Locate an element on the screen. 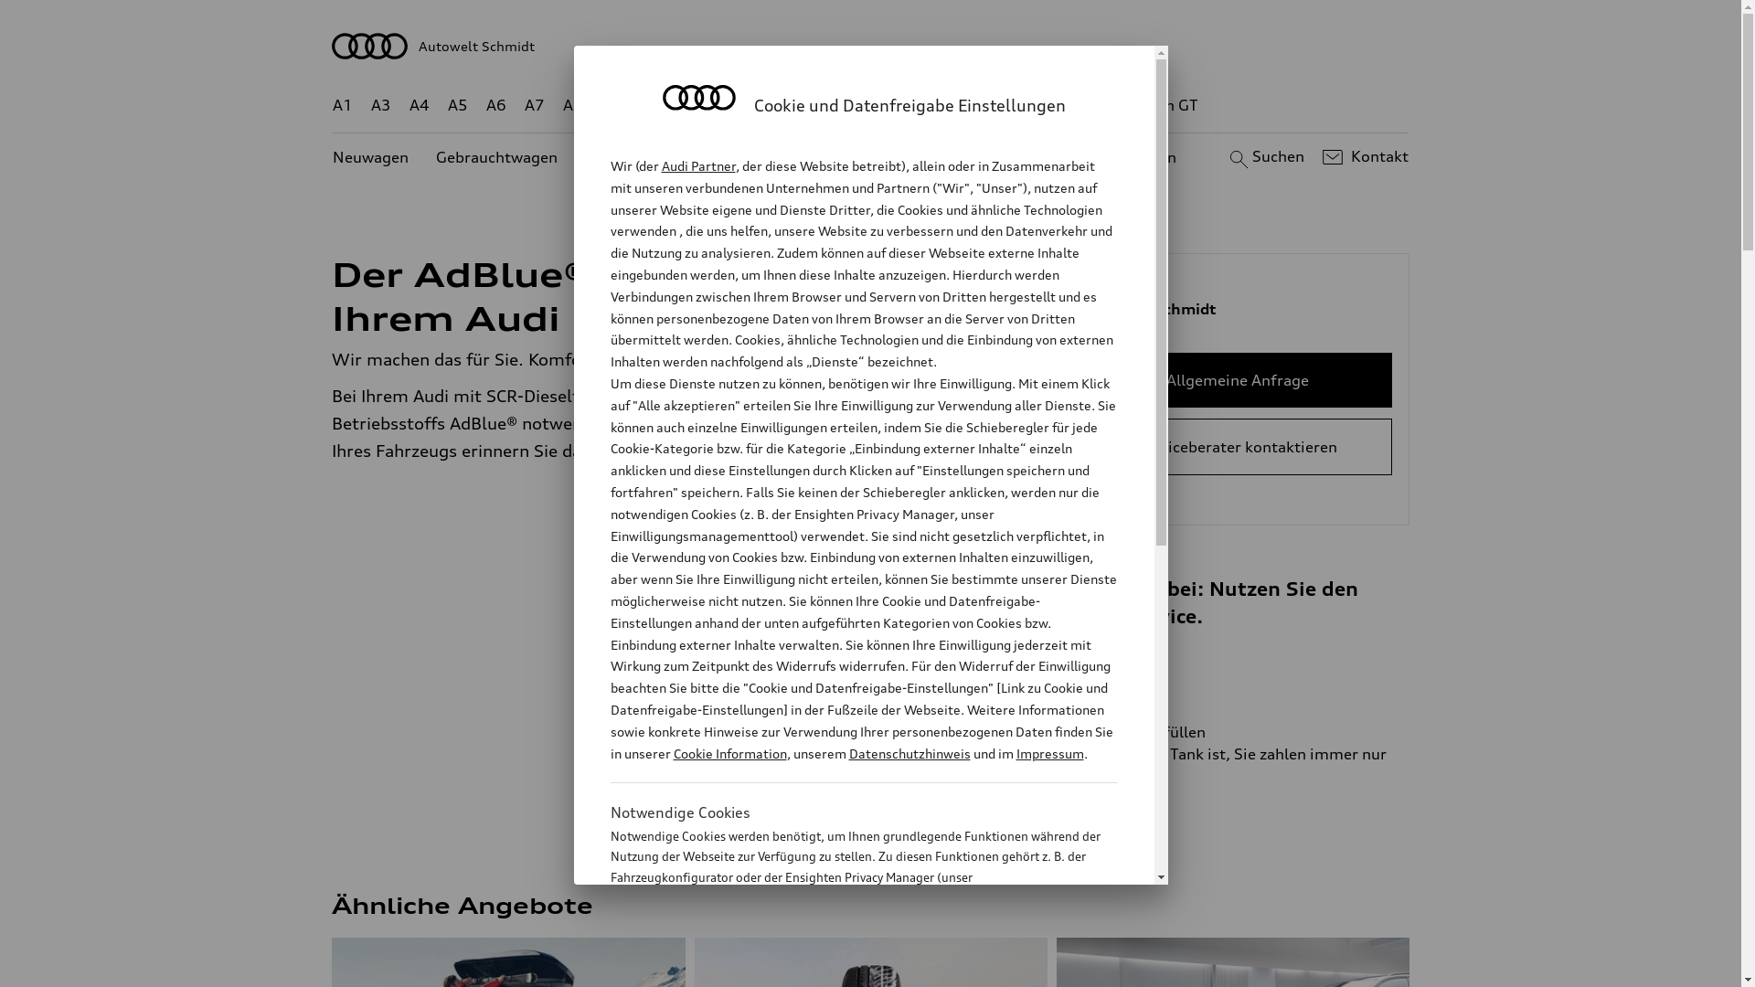 The height and width of the screenshot is (987, 1755). 'Q2' is located at coordinates (612, 105).